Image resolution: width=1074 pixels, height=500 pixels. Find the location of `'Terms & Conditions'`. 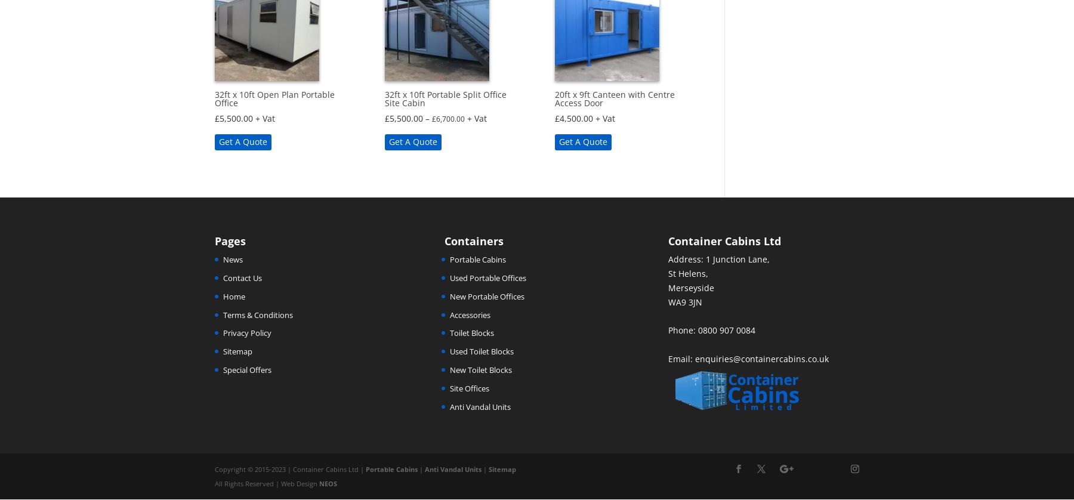

'Terms & Conditions' is located at coordinates (258, 314).